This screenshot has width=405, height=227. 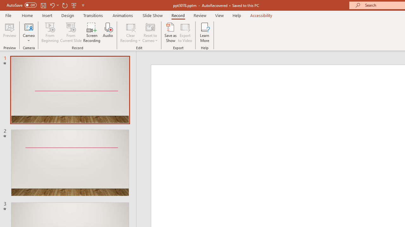 What do you see at coordinates (28, 26) in the screenshot?
I see `'Cameo'` at bounding box center [28, 26].